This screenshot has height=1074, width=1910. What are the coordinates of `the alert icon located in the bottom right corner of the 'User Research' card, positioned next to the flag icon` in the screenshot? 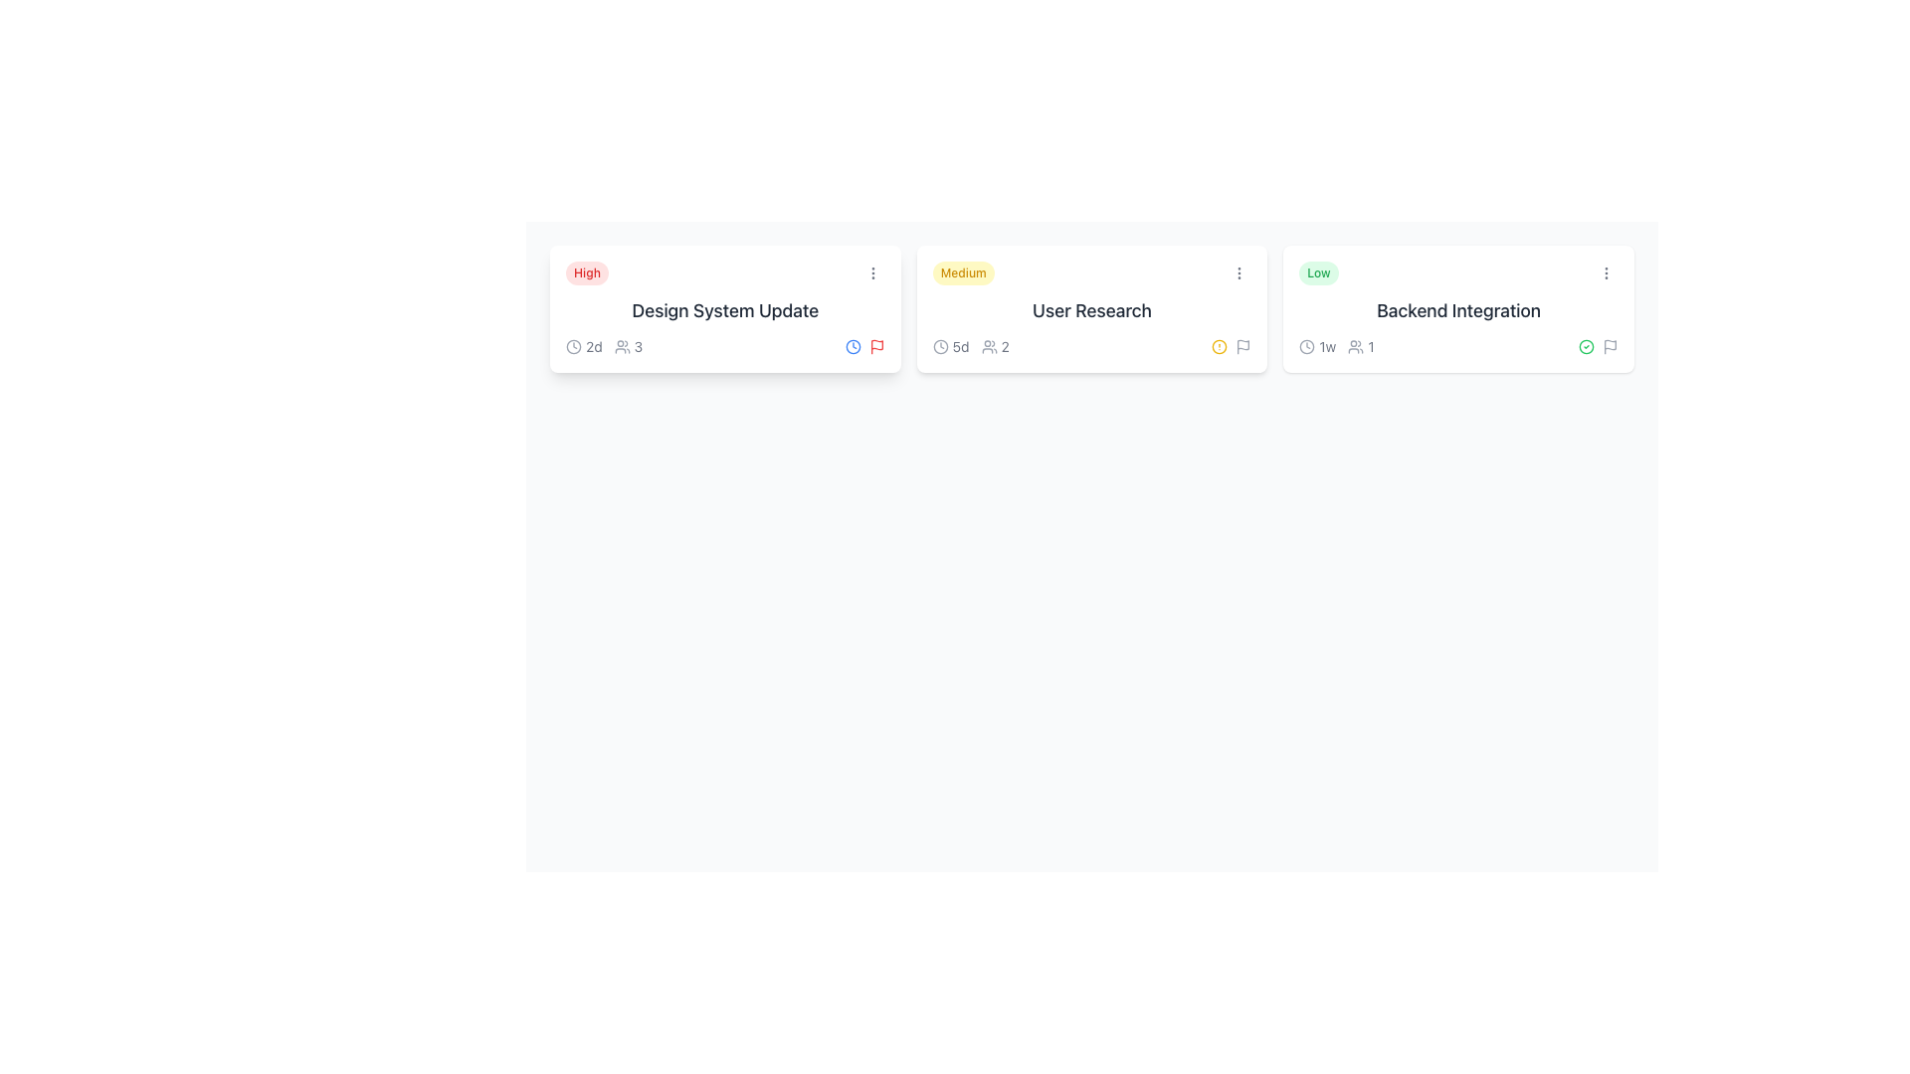 It's located at (1219, 345).